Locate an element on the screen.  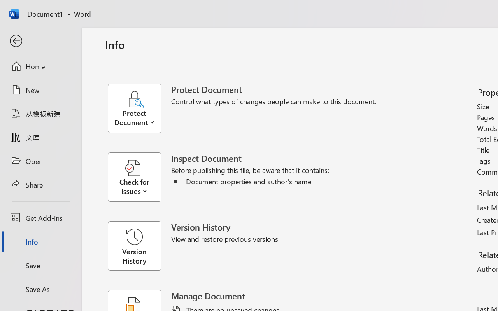
'Get Add-ins' is located at coordinates (40, 218).